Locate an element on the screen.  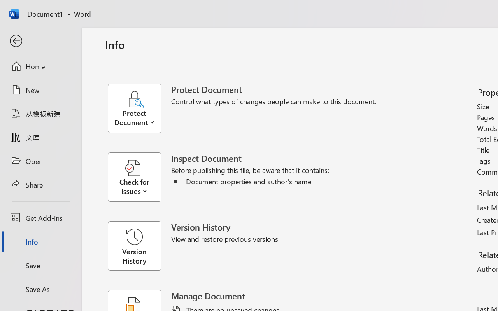
'Get Add-ins' is located at coordinates (40, 218).